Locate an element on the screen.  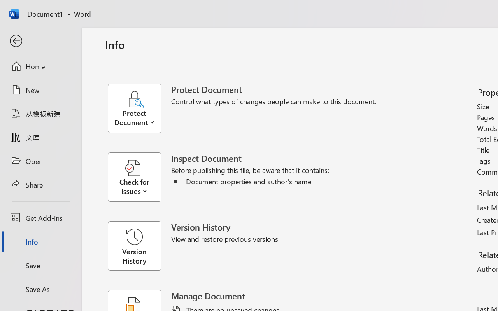
'Get Add-ins' is located at coordinates (40, 218).